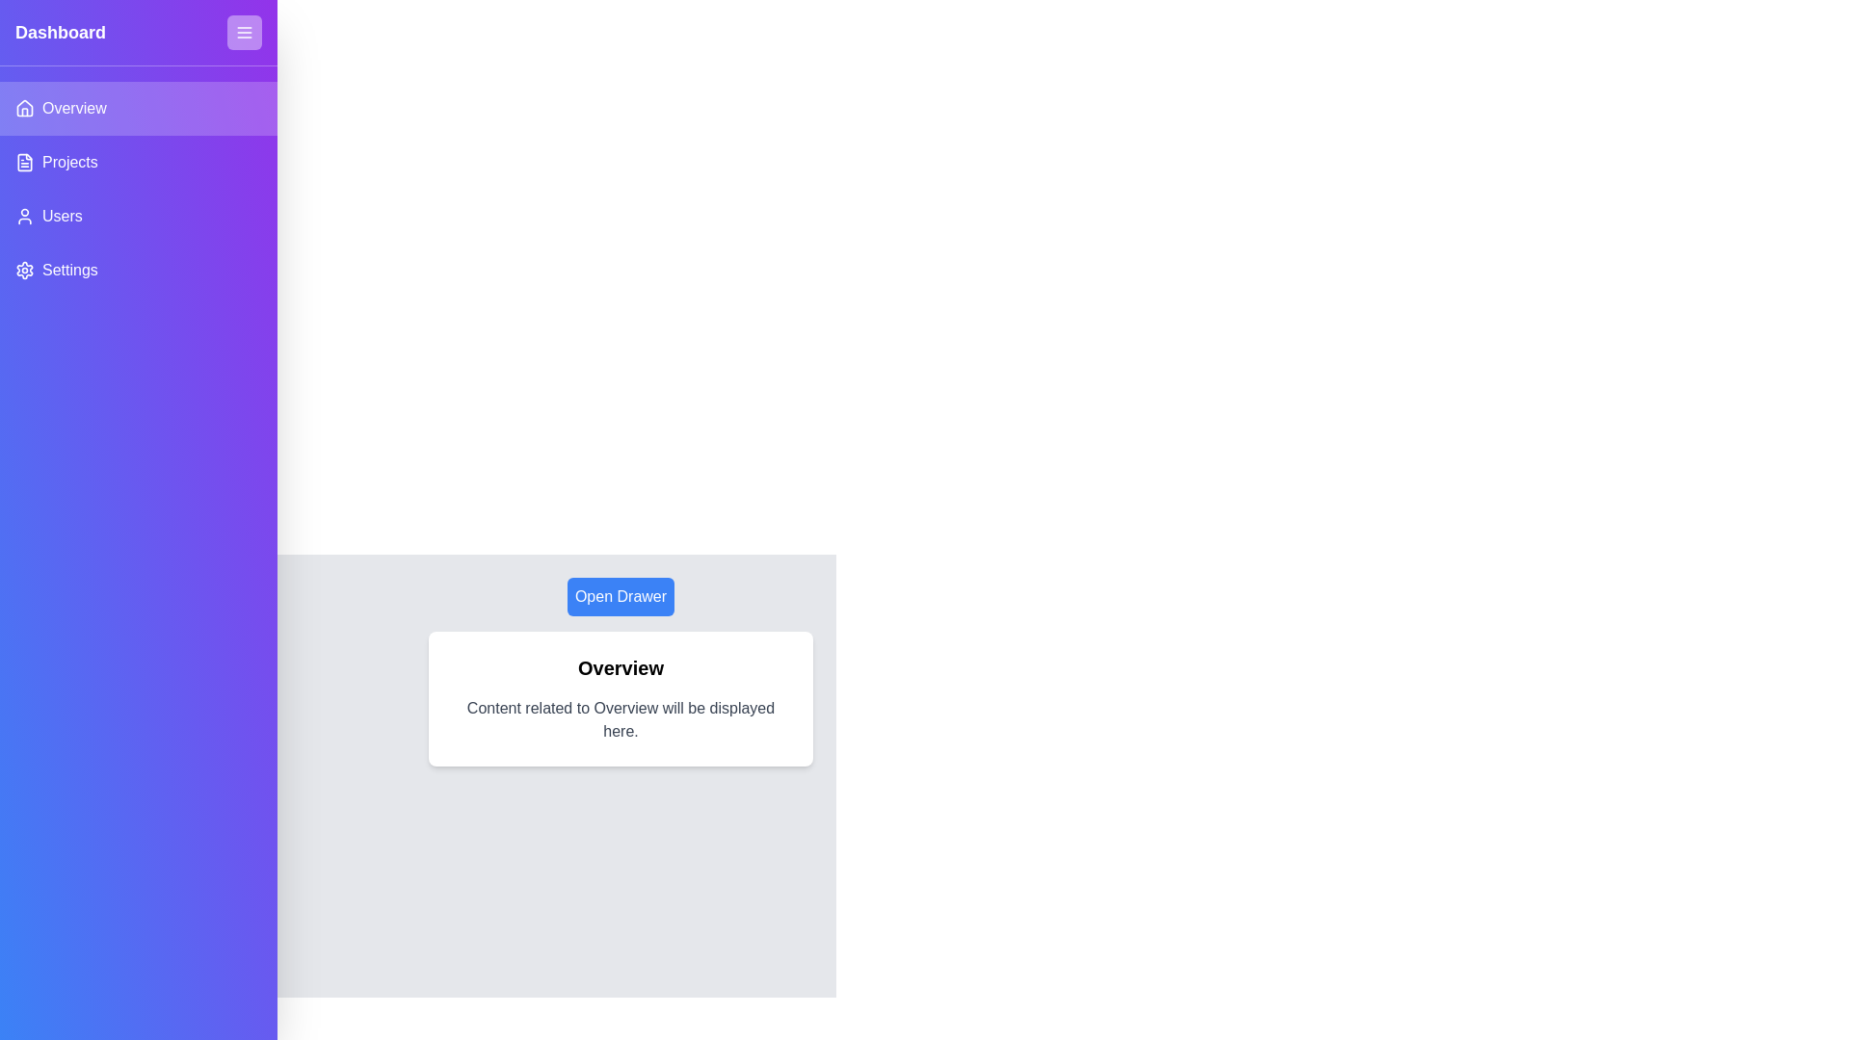 This screenshot has width=1850, height=1040. What do you see at coordinates (244, 33) in the screenshot?
I see `close button located at the top-right corner of the drawer` at bounding box center [244, 33].